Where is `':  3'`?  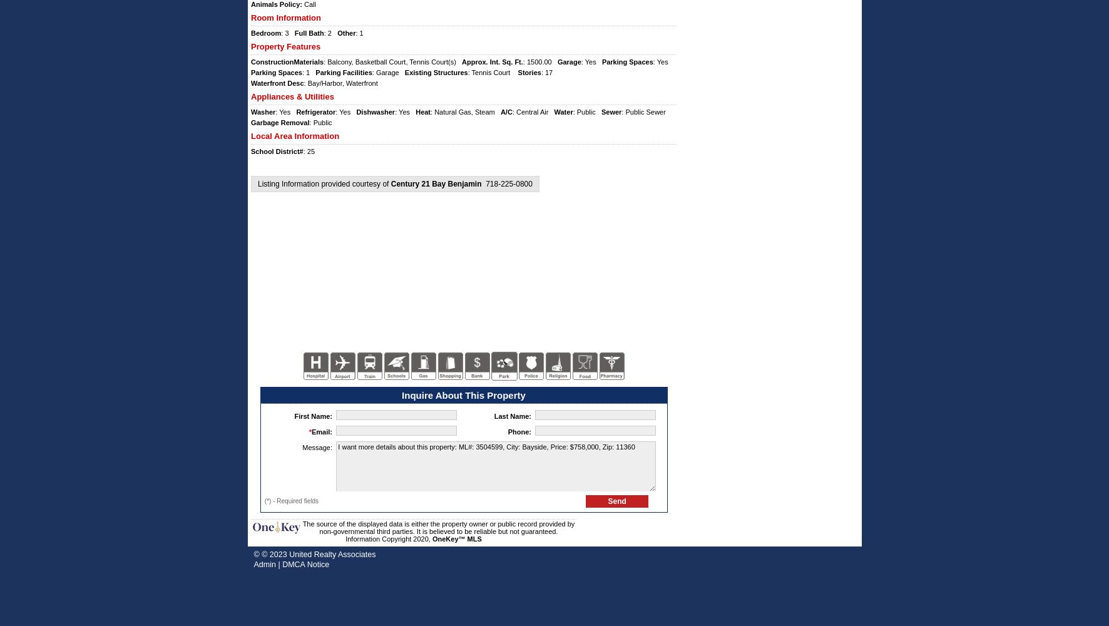
':  3' is located at coordinates (286, 33).